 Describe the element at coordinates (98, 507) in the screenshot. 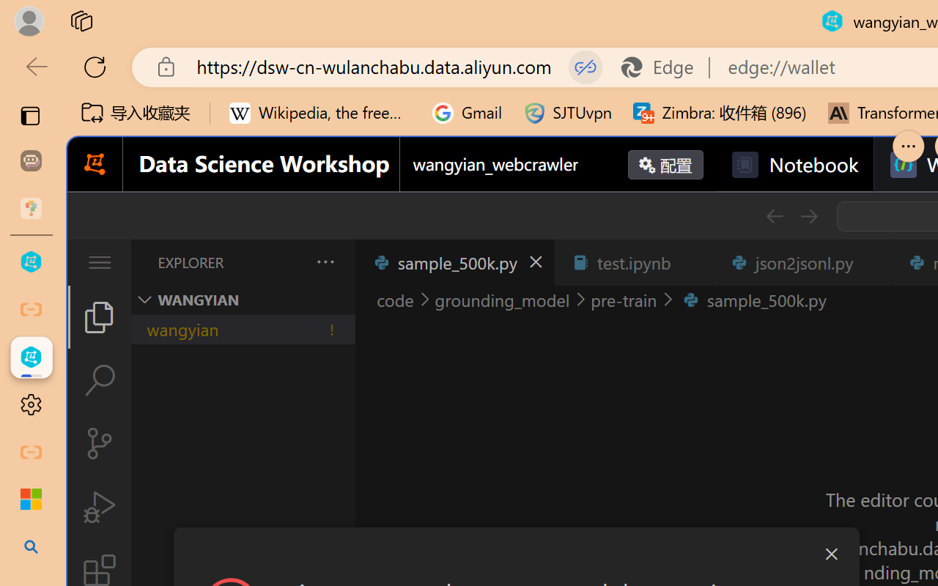

I see `'Run and Debug (Ctrl+Shift+D)'` at that location.